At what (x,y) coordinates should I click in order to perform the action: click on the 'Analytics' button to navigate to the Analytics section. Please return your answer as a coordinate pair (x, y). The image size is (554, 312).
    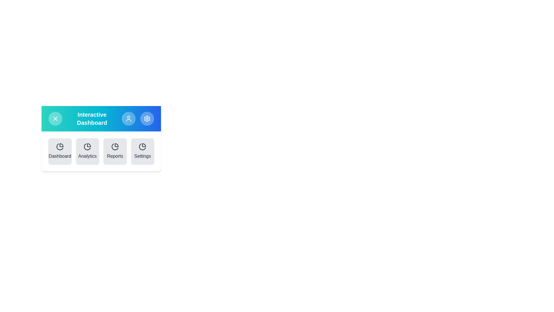
    Looking at the image, I should click on (87, 151).